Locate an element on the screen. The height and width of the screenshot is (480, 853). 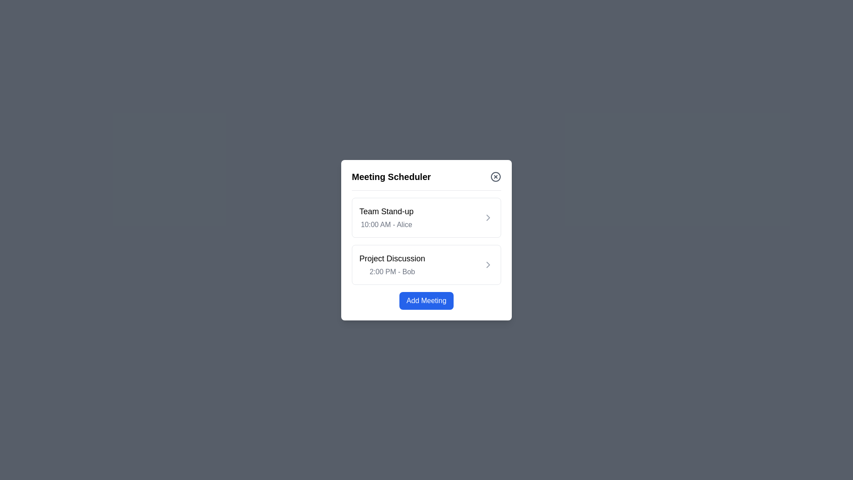
the 'Project Discussion' text label, which is styled in bold and is larger than the adjacent text '2:00 PM - Bob', located in the second item of the list on the main interface is located at coordinates (392, 258).